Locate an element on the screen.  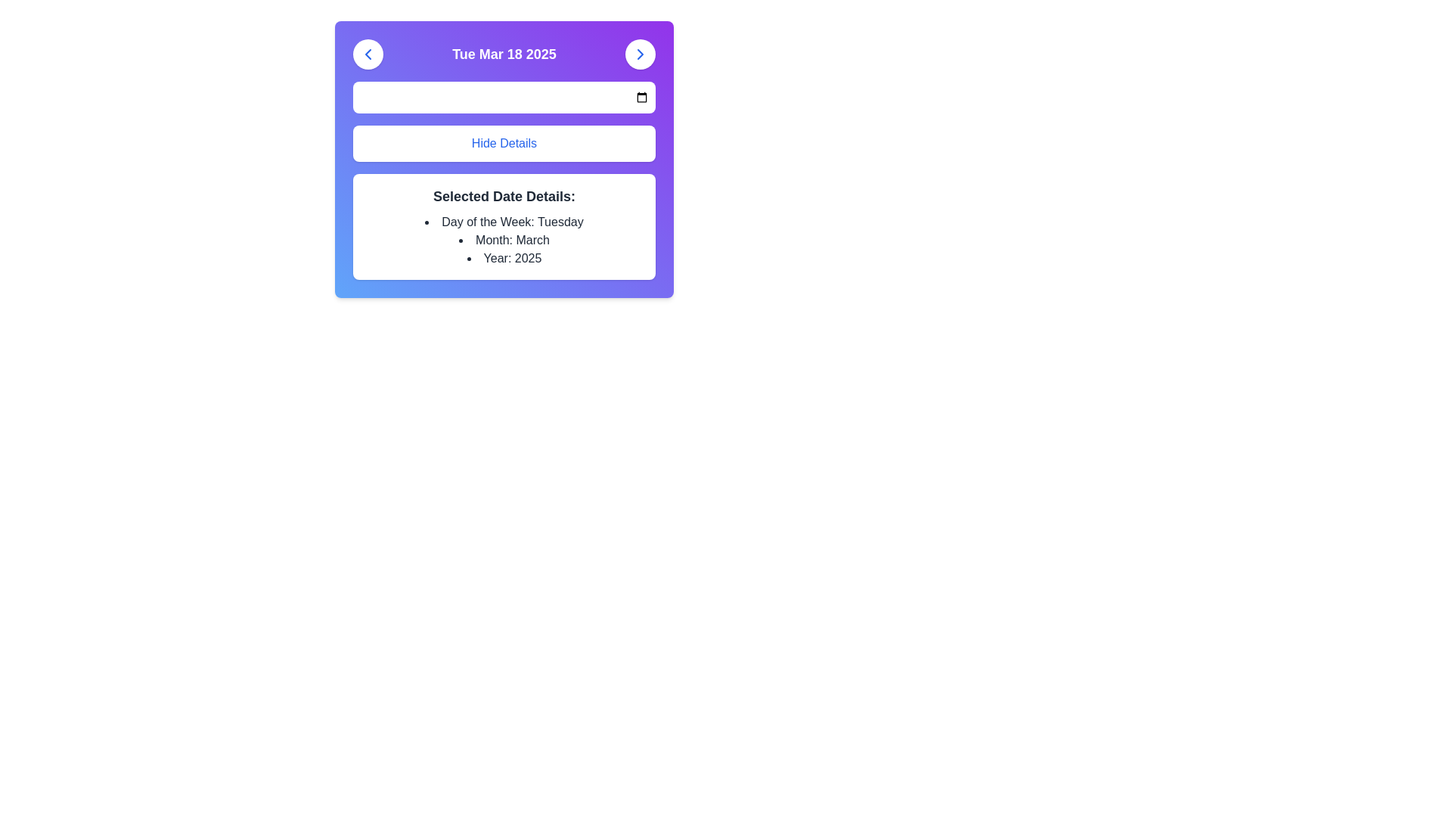
the small right-facing chevron icon within the rounded button is located at coordinates (640, 54).